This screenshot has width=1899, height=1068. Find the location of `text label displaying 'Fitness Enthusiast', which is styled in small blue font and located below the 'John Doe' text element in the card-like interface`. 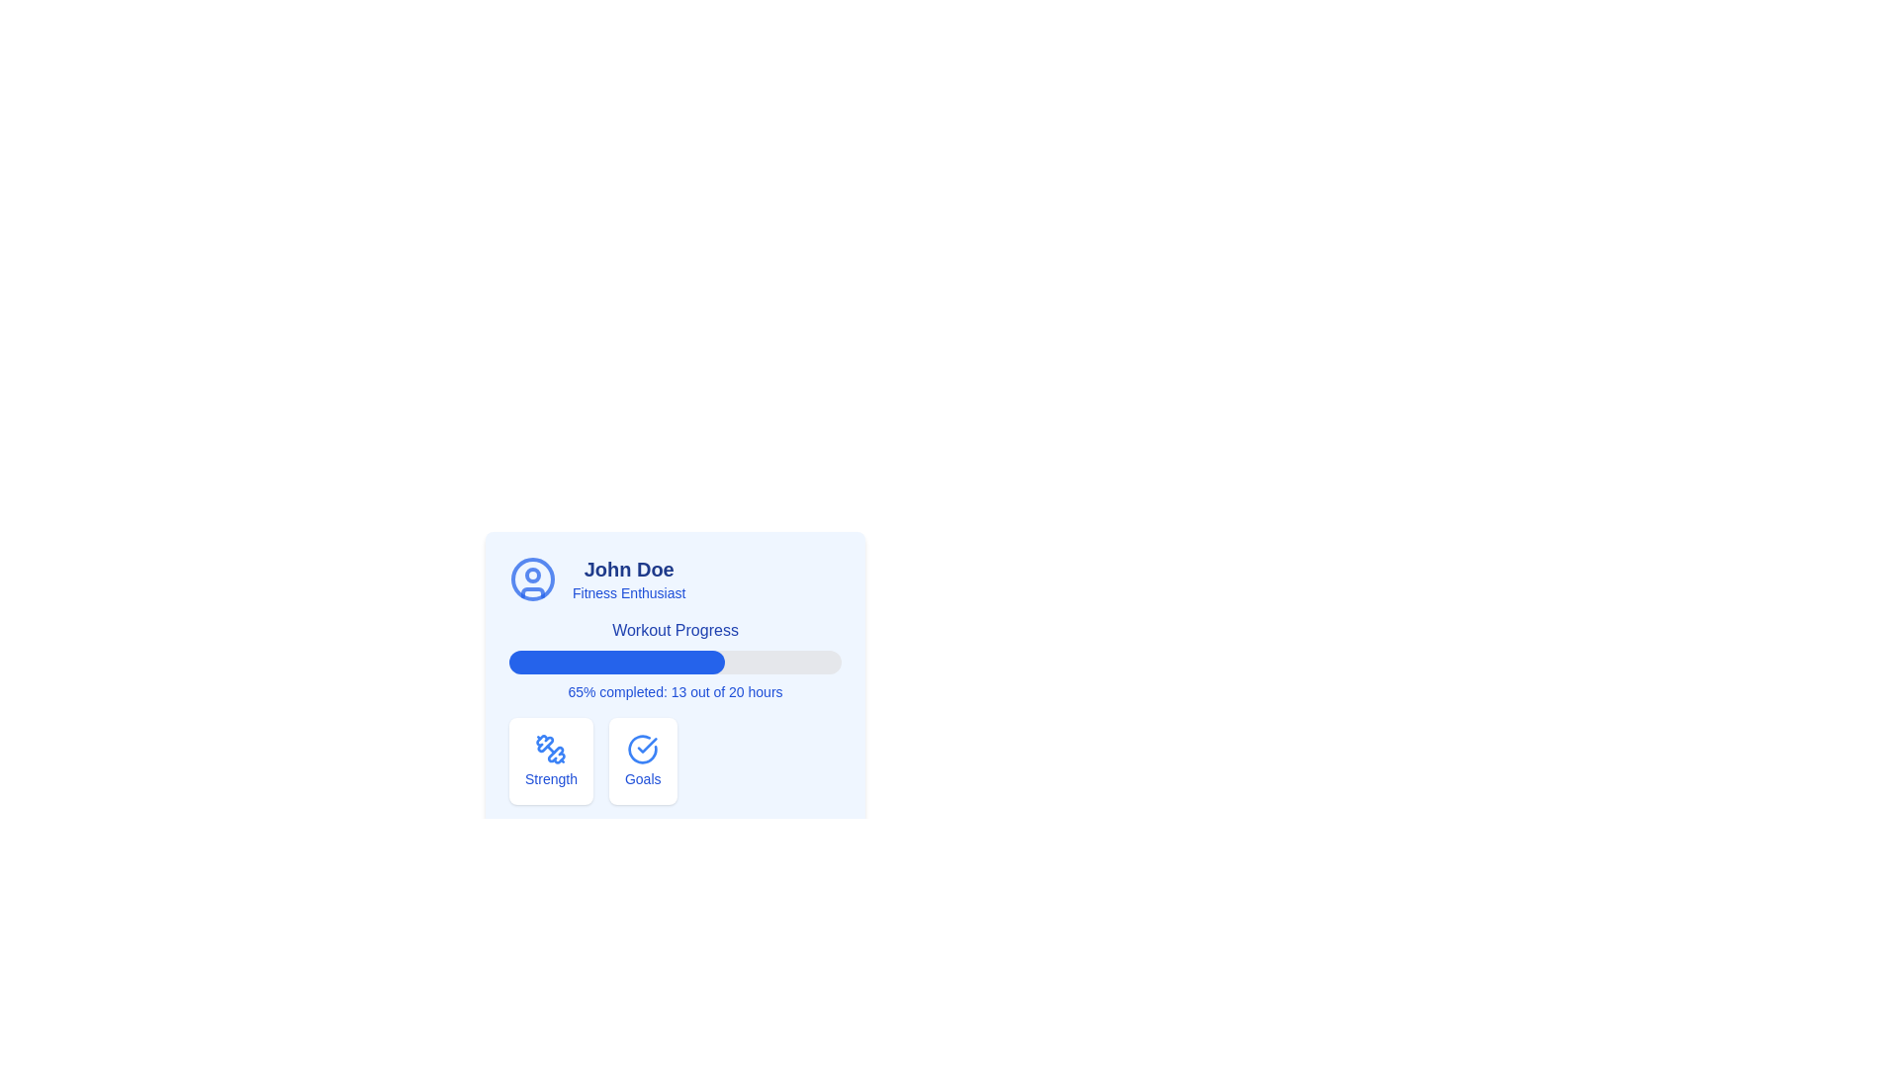

text label displaying 'Fitness Enthusiast', which is styled in small blue font and located below the 'John Doe' text element in the card-like interface is located at coordinates (628, 592).